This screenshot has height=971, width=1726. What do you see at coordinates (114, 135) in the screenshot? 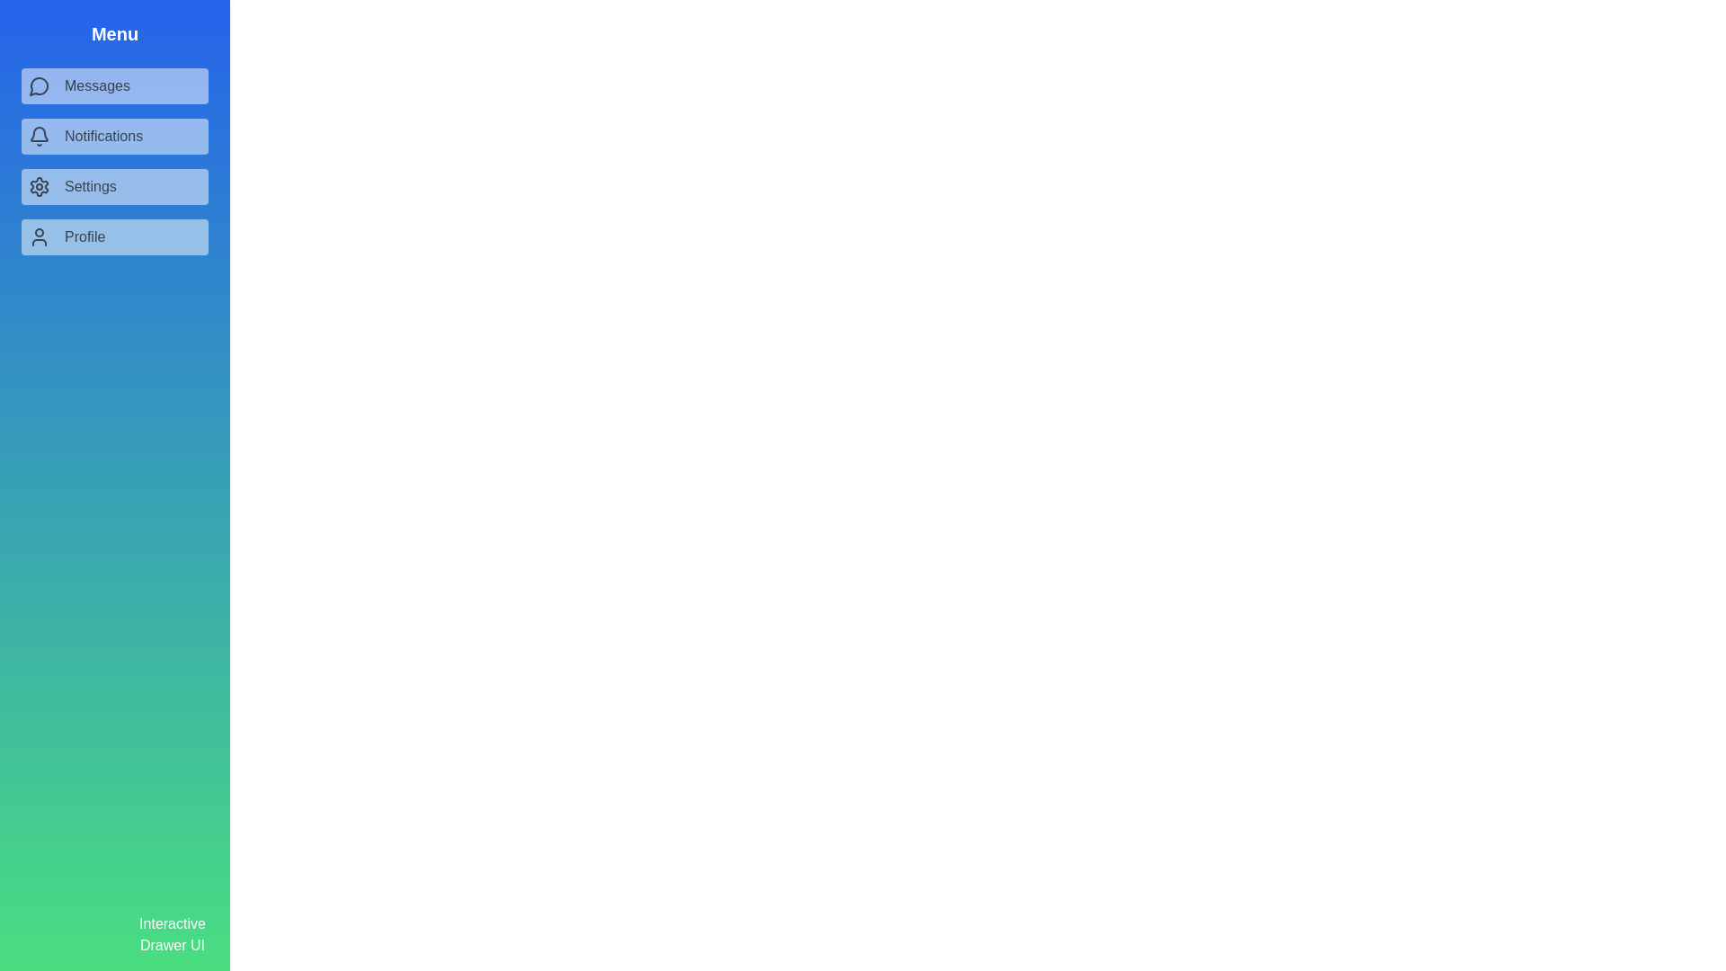
I see `the menu item Notifications` at bounding box center [114, 135].